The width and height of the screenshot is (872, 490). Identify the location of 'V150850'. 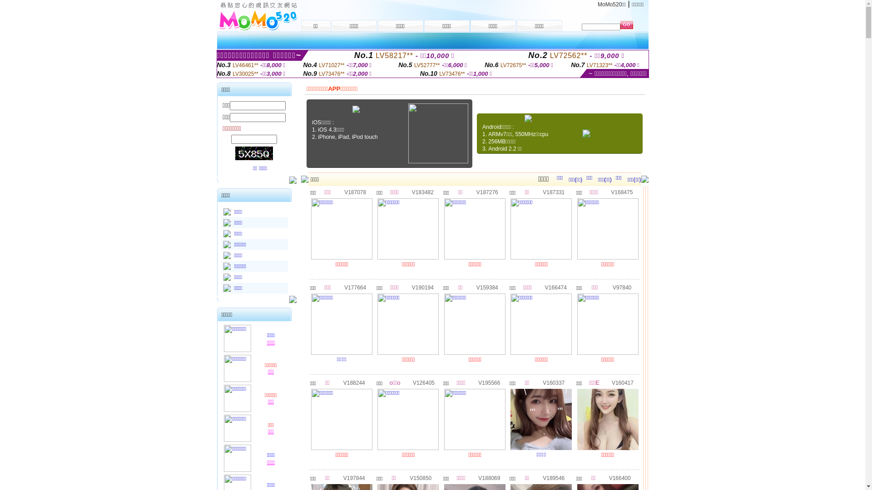
(420, 477).